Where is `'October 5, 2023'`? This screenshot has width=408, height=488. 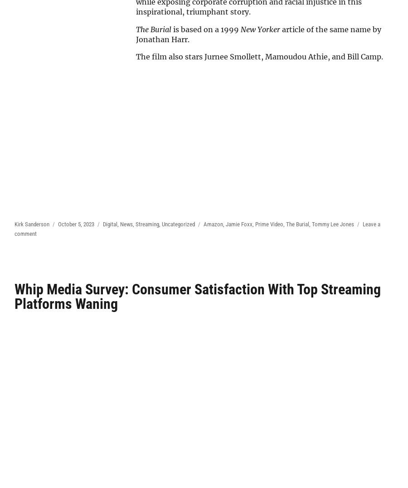 'October 5, 2023' is located at coordinates (76, 223).